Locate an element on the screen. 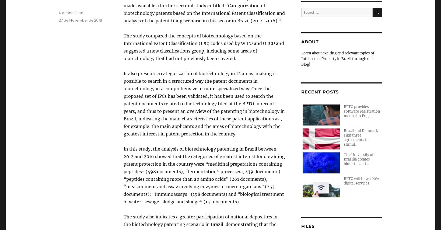 This screenshot has height=230, width=441. '27 de November de 2018' is located at coordinates (80, 20).